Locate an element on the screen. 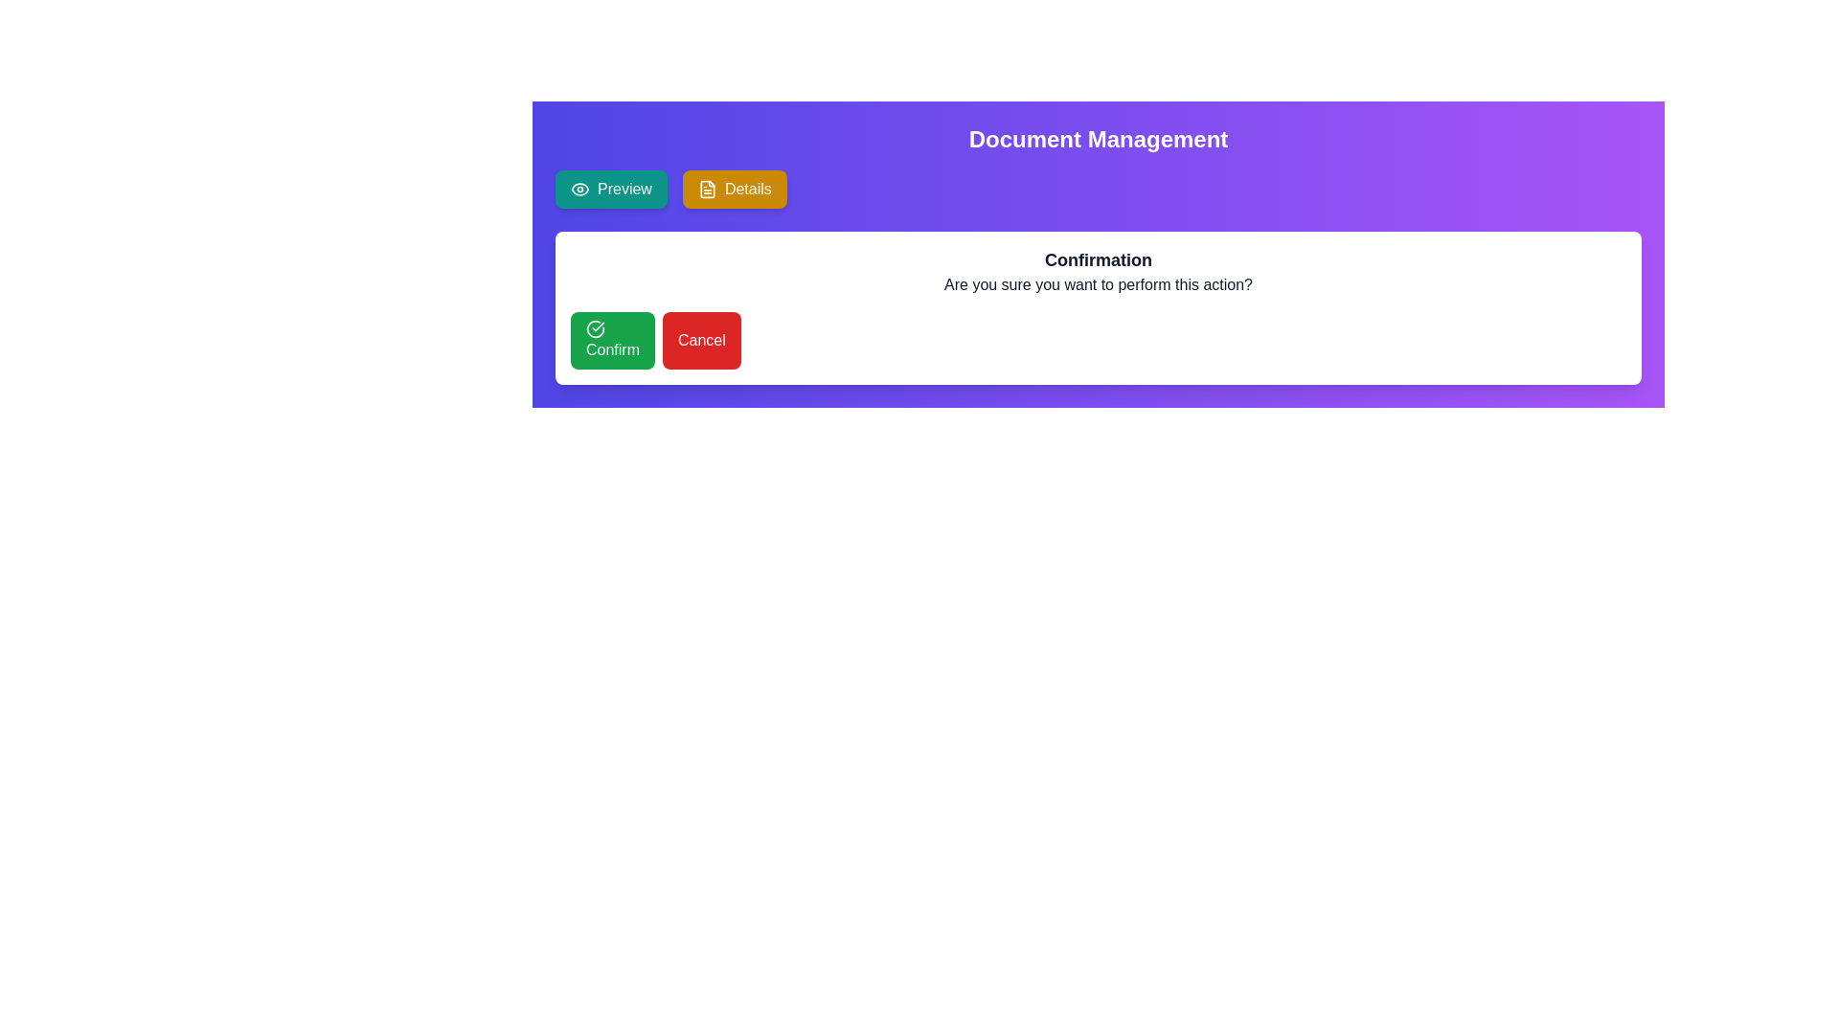  the preview icon embedded within the 'Preview' button located in the top left corner of the interface section is located at coordinates (579, 189).